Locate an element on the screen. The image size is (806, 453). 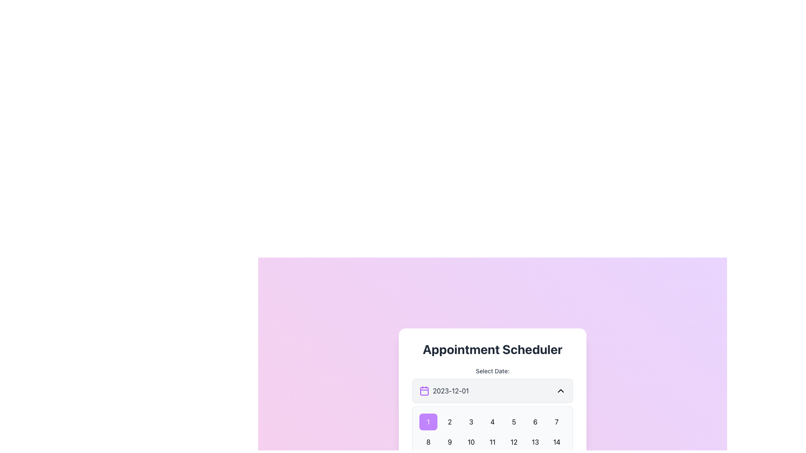
the button representing the fourth day of the month in the calendar interface is located at coordinates (492, 422).